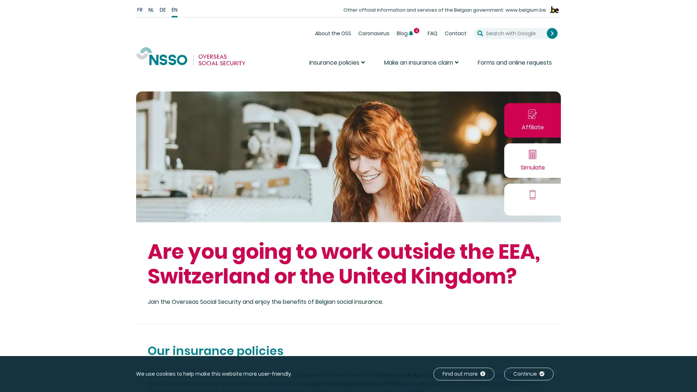  What do you see at coordinates (629, 166) in the screenshot?
I see `Your contribution` at bounding box center [629, 166].